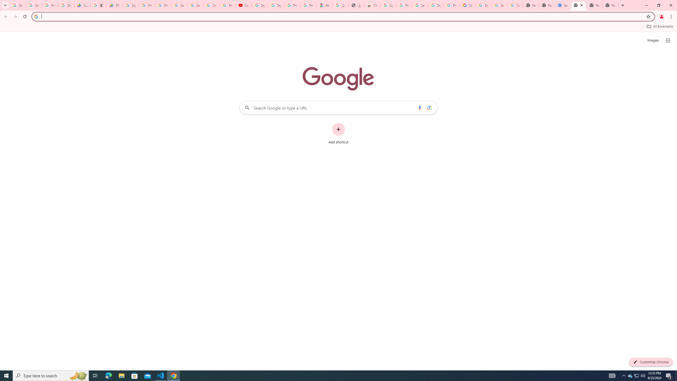 This screenshot has width=677, height=381. Describe the element at coordinates (114, 5) in the screenshot. I see `'PDD Holdings Inc - ADR (PDD) Price & News - Google Finance'` at that location.